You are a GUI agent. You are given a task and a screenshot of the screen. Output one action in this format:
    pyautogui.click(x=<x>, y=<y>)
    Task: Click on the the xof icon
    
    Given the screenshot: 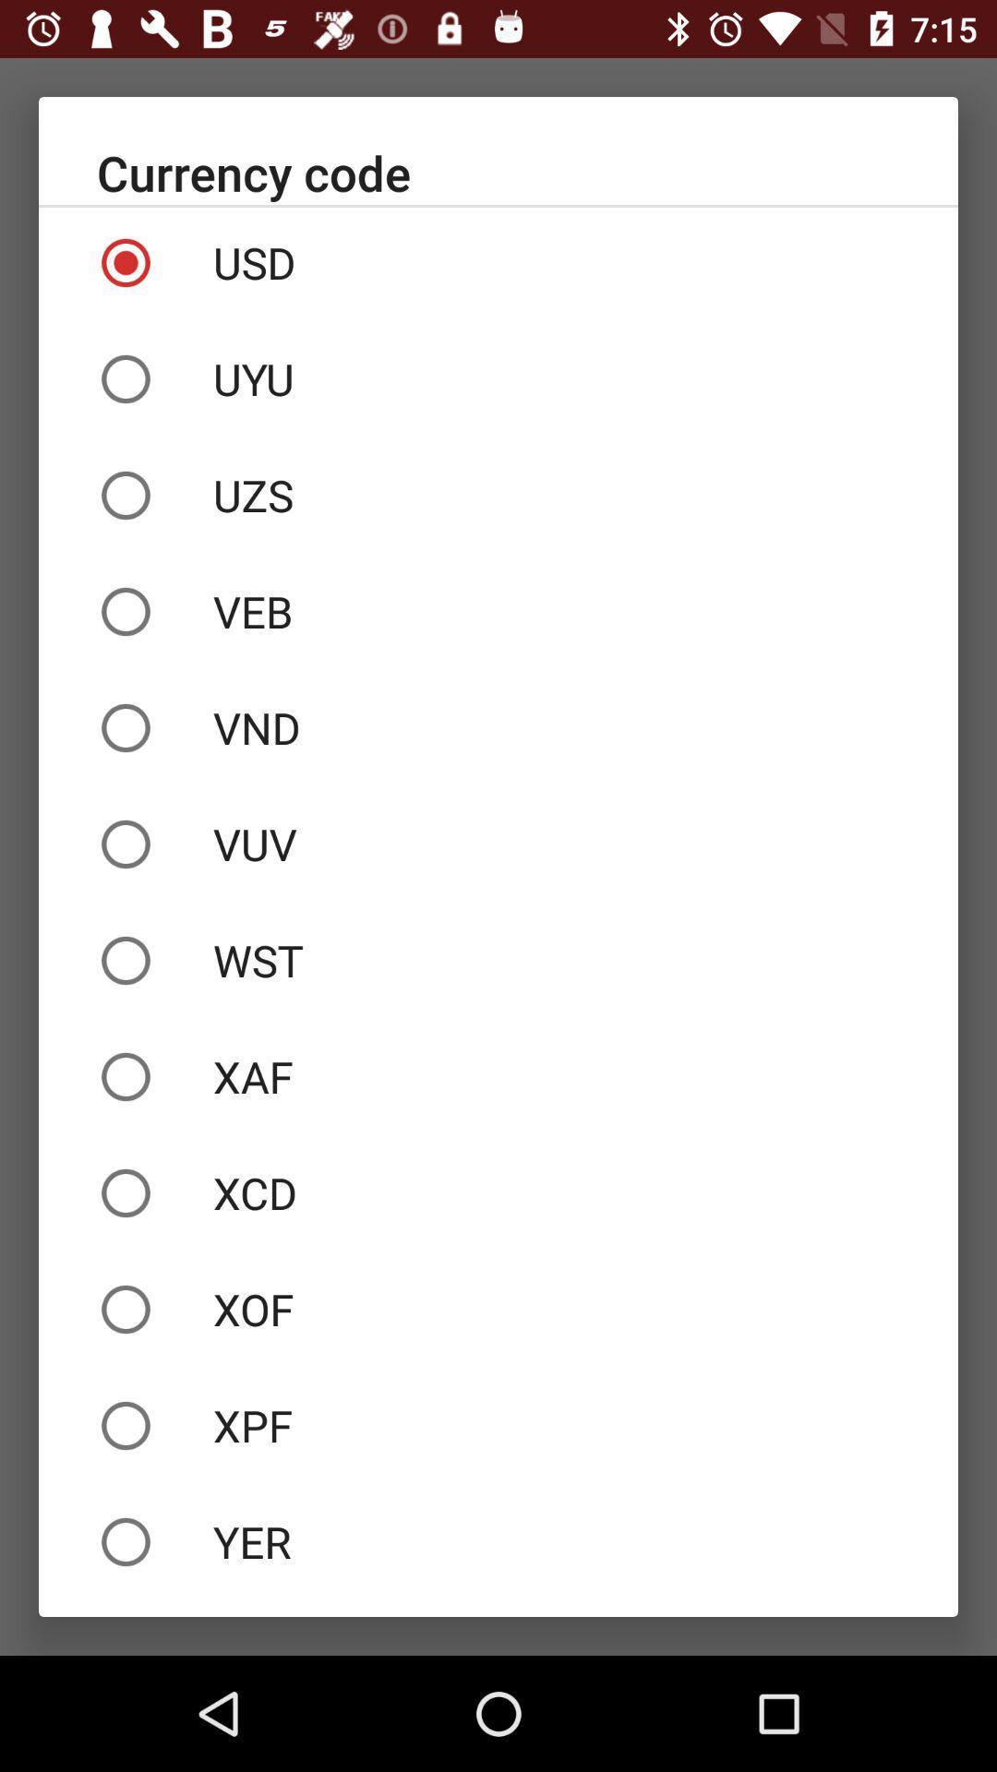 What is the action you would take?
    pyautogui.click(x=498, y=1309)
    